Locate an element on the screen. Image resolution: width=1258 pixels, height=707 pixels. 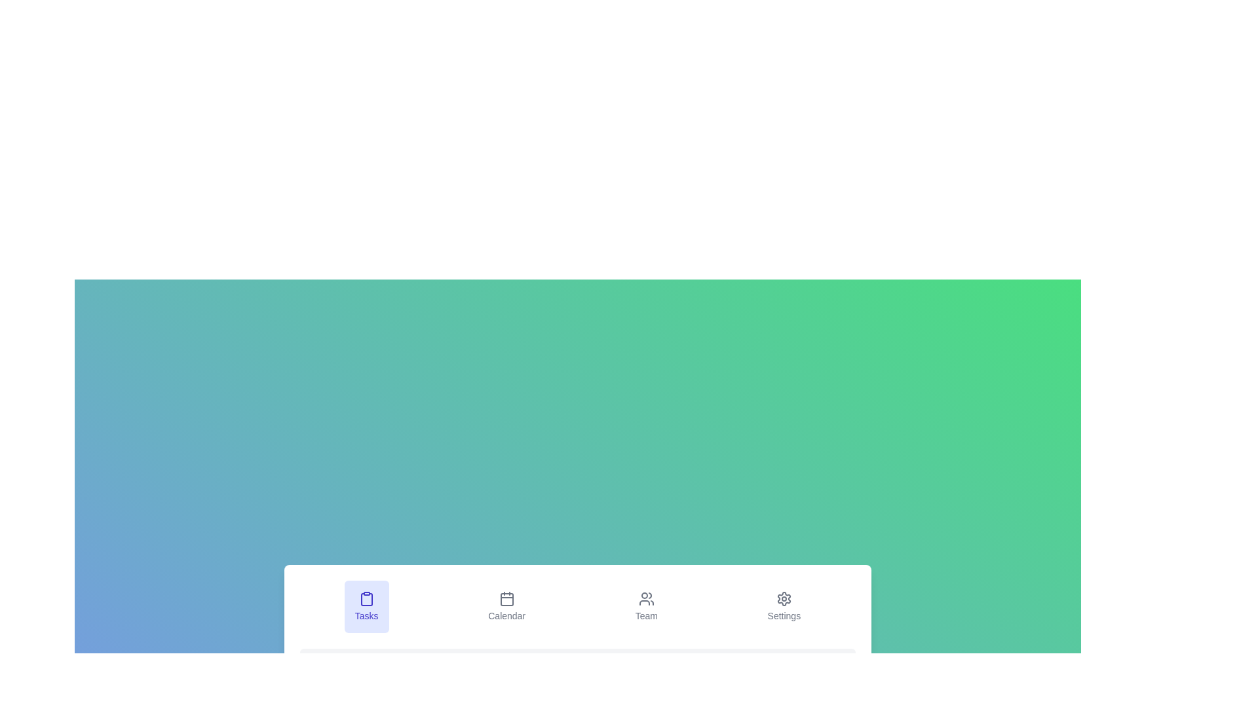
the 'Team' icon located in the bottom navigation bar is located at coordinates (646, 598).